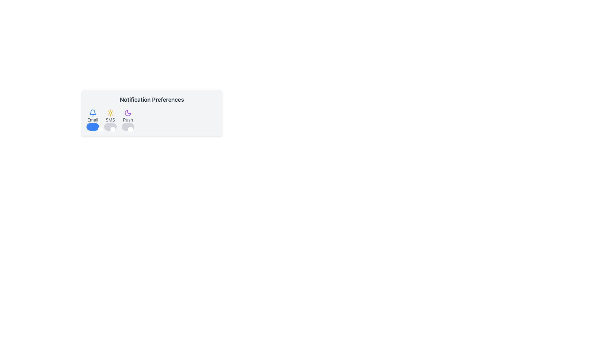 Image resolution: width=604 pixels, height=340 pixels. Describe the element at coordinates (110, 112) in the screenshot. I see `the SMS notification icon located at the top of the SMS section, centered above the text label 'SMS'` at that location.